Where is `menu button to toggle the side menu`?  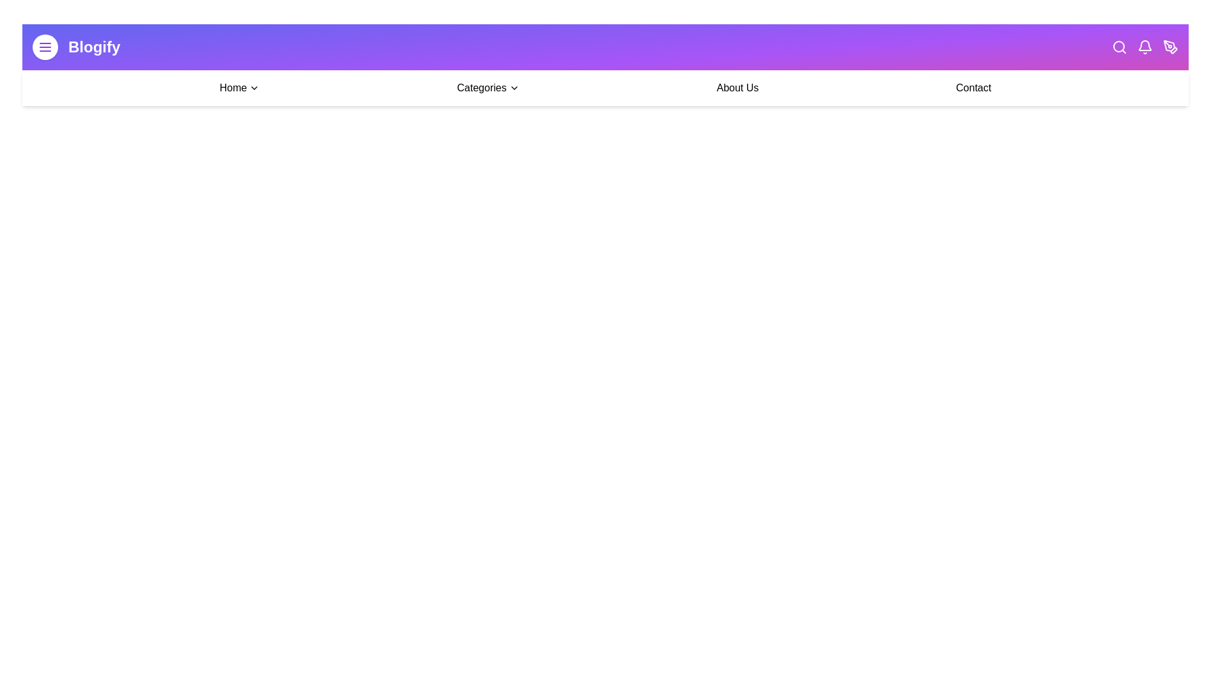 menu button to toggle the side menu is located at coordinates (45, 46).